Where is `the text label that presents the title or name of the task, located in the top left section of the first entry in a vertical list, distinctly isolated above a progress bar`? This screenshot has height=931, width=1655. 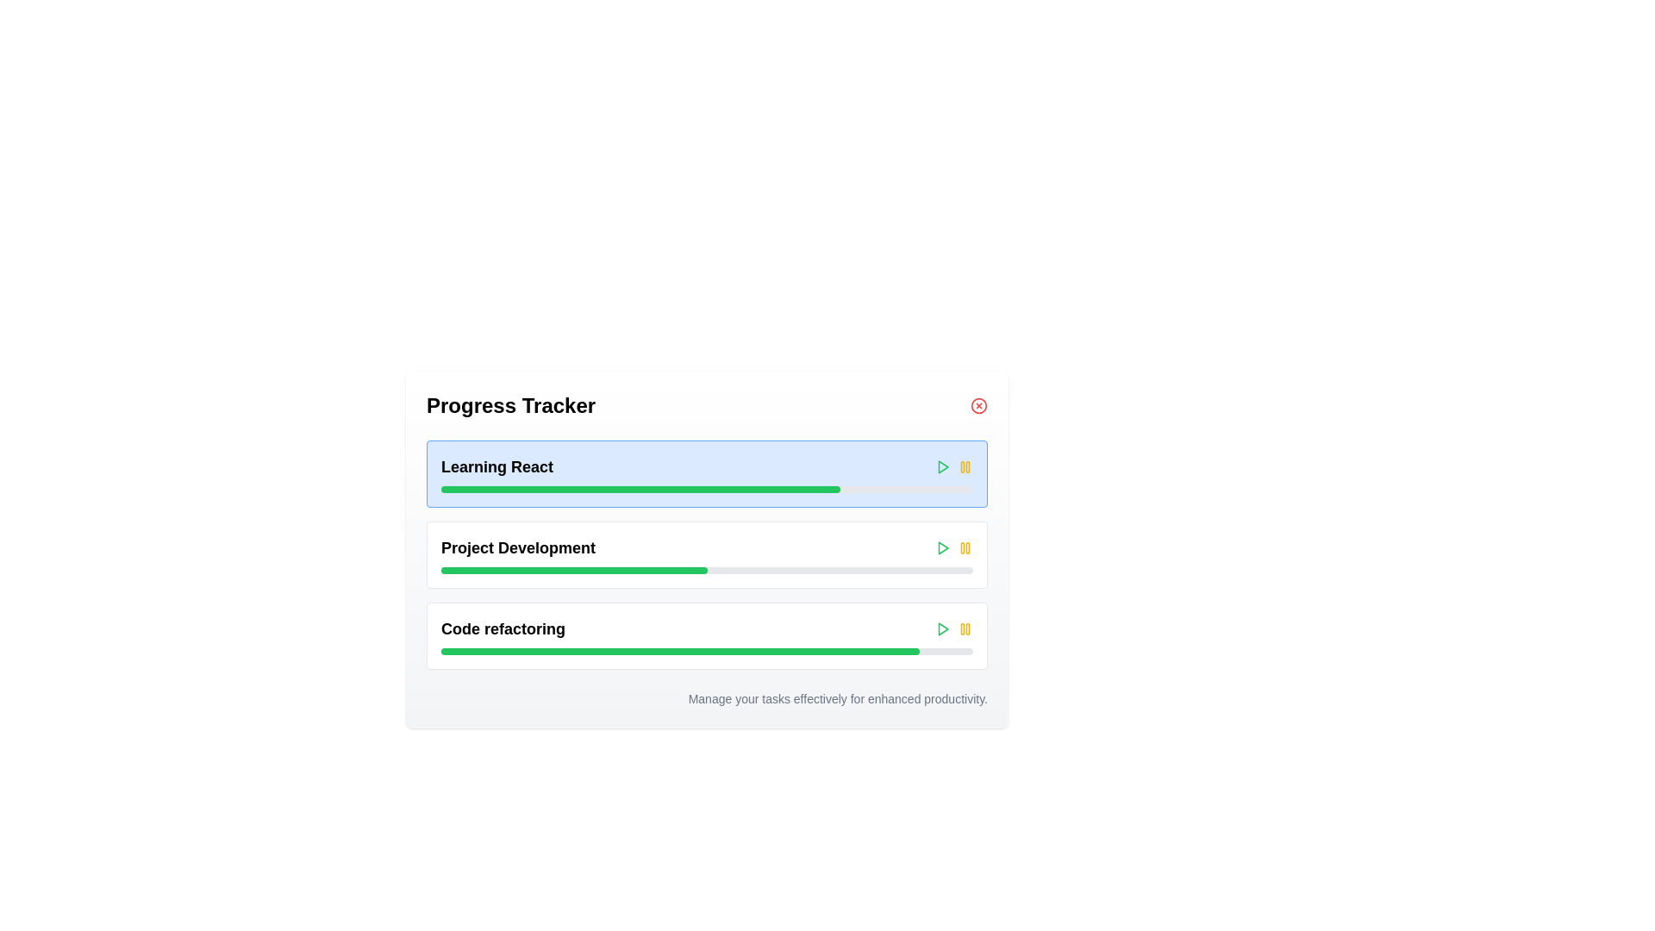 the text label that presents the title or name of the task, located in the top left section of the first entry in a vertical list, distinctly isolated above a progress bar is located at coordinates (496, 467).